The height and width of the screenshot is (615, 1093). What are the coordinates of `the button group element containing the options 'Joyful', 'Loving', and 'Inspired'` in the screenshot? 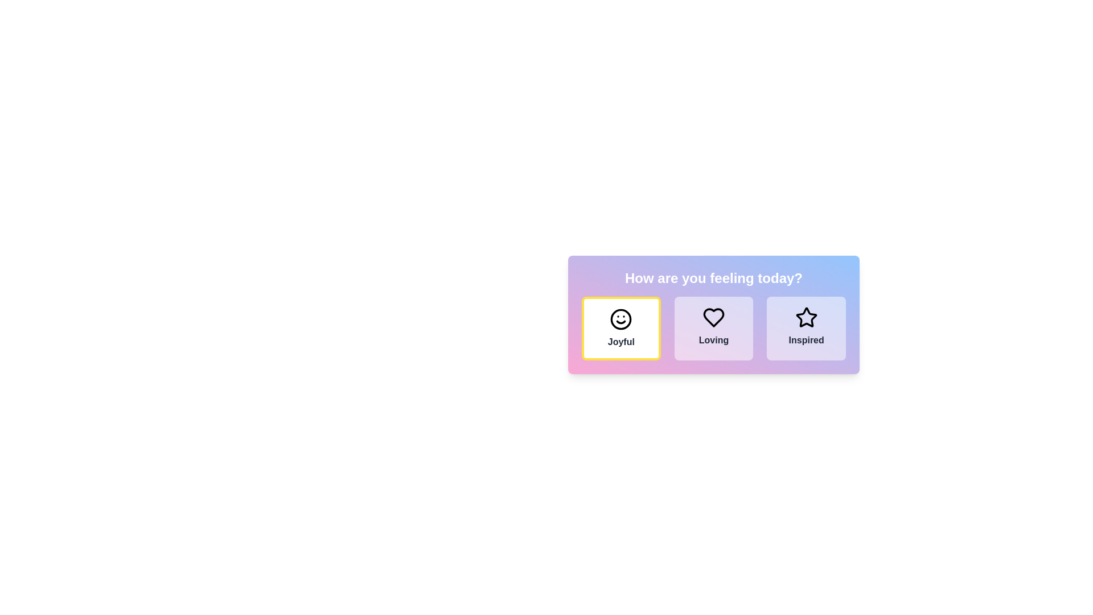 It's located at (713, 314).